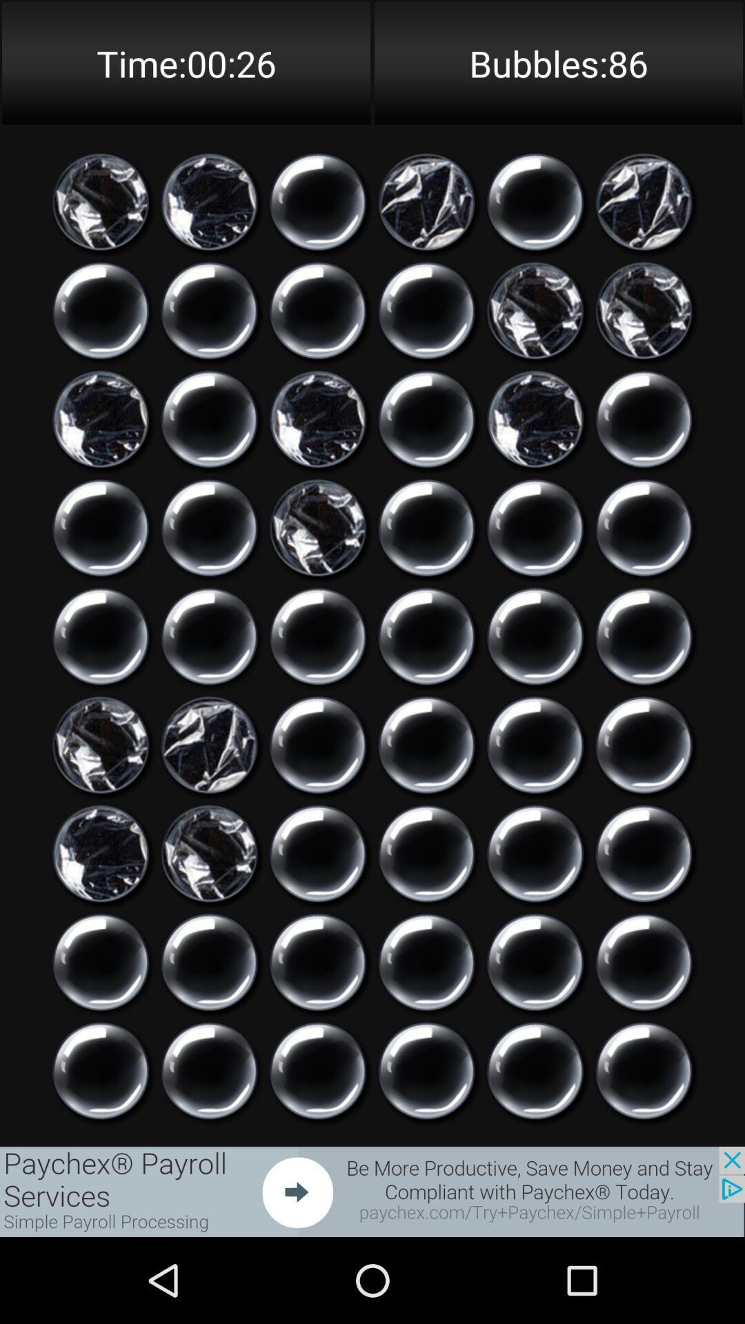 The width and height of the screenshot is (745, 1324). What do you see at coordinates (644, 853) in the screenshot?
I see `option` at bounding box center [644, 853].